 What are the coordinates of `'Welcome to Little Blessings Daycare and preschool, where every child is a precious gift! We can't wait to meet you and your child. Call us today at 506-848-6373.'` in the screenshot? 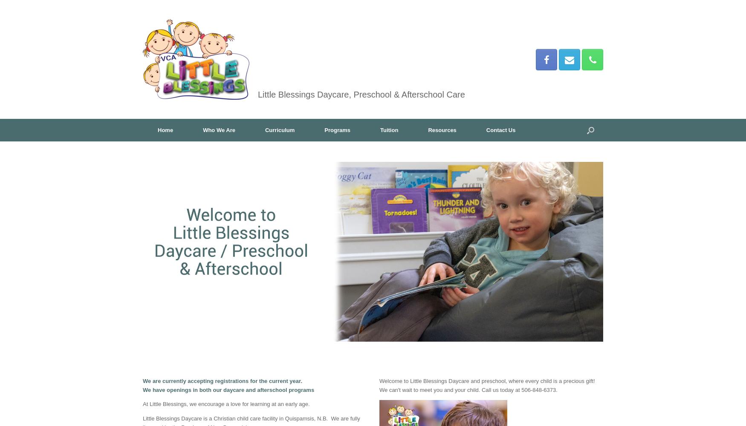 It's located at (486, 385).